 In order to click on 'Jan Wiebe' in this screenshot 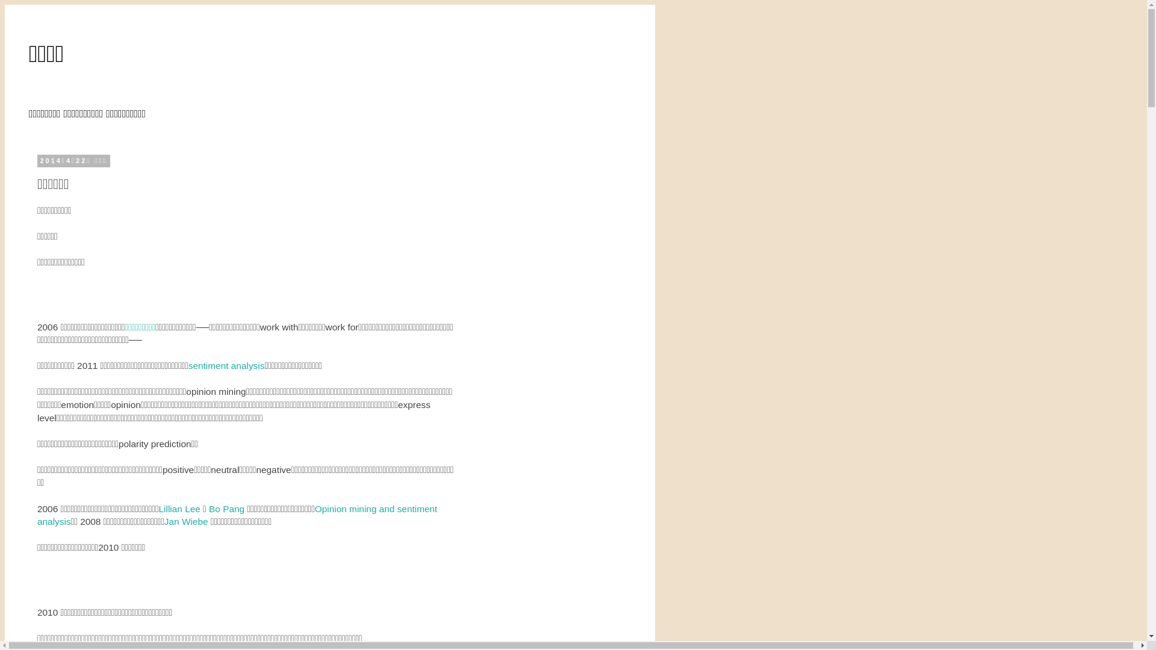, I will do `click(185, 521)`.